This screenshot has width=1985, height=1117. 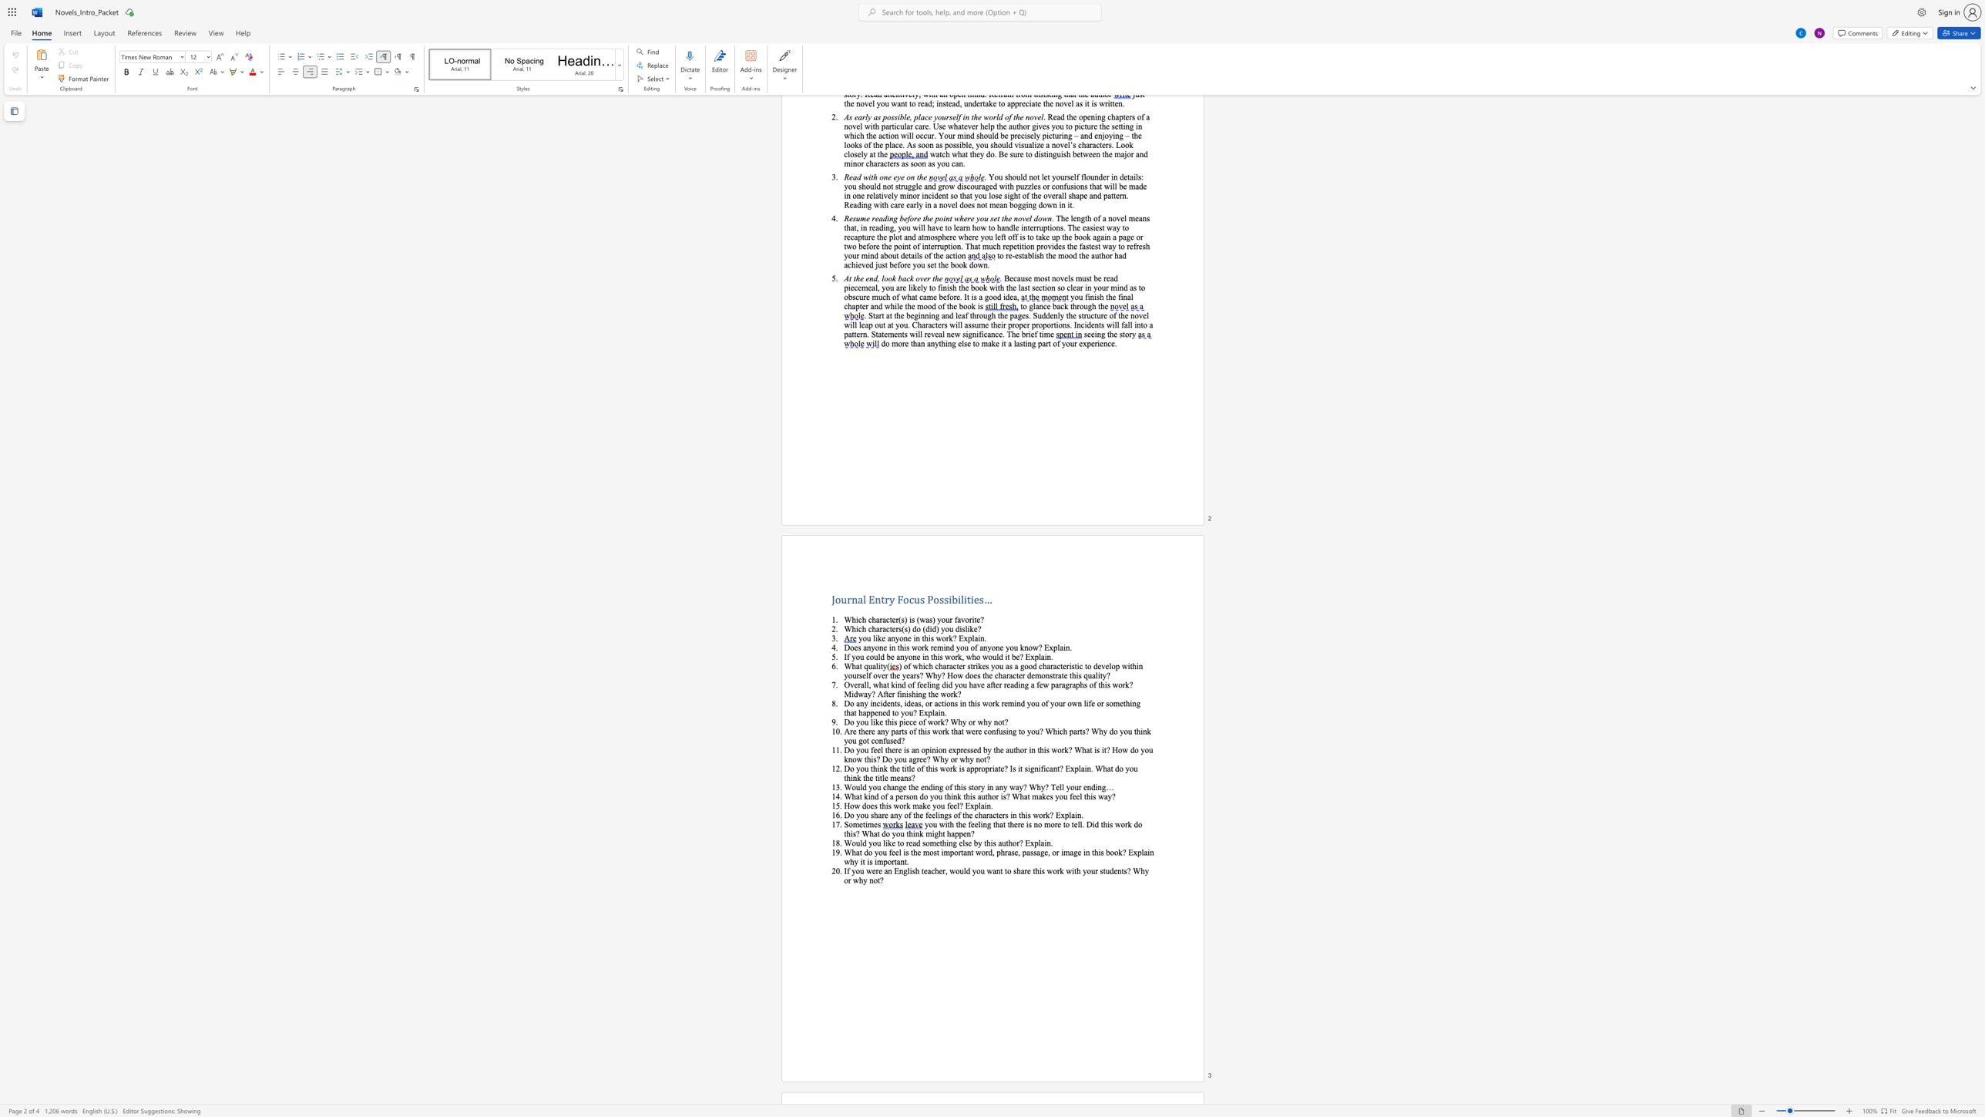 What do you see at coordinates (882, 620) in the screenshot?
I see `the subset text "acter(s) is (was) your" within the text "Which character(s) is (was) your favorite?"` at bounding box center [882, 620].